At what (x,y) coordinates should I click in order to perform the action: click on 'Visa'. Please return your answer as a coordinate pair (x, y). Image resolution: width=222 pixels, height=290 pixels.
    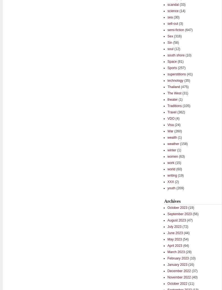
    Looking at the image, I should click on (170, 125).